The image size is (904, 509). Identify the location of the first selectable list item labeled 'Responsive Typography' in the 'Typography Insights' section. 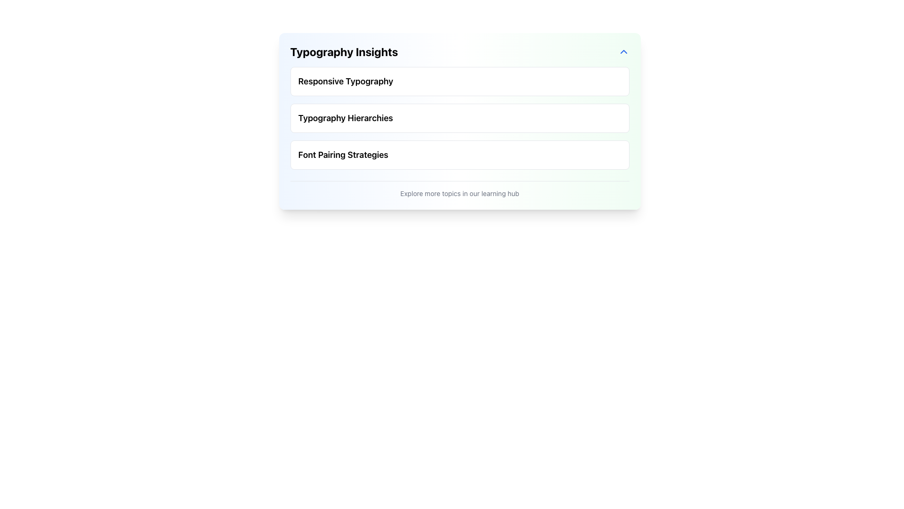
(460, 81).